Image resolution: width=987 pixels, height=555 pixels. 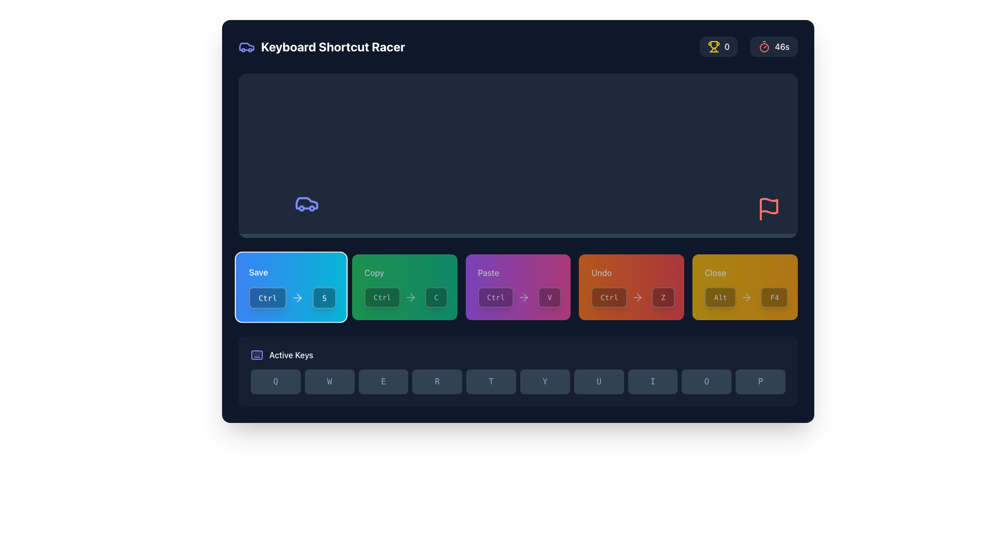 What do you see at coordinates (290, 287) in the screenshot?
I see `the visual keyboard shortcut display that indicates the 'Save' action (Ctrl + S), located in the first column of the grid layout, above the 'Active Keys' section` at bounding box center [290, 287].